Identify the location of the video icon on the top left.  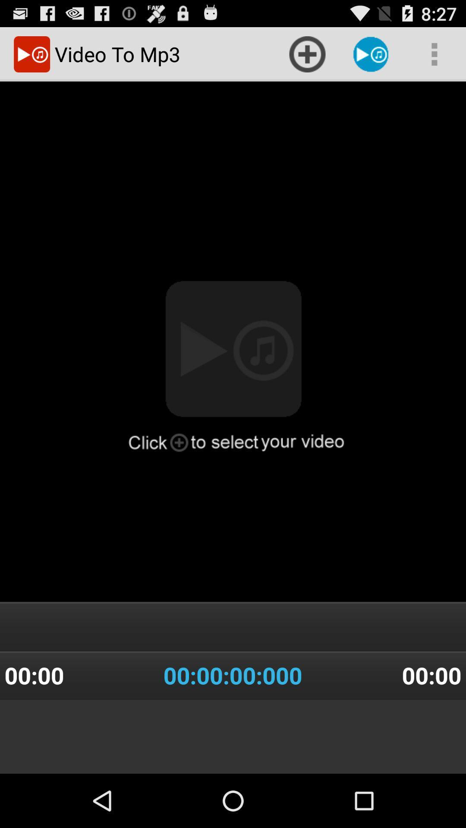
(31, 53).